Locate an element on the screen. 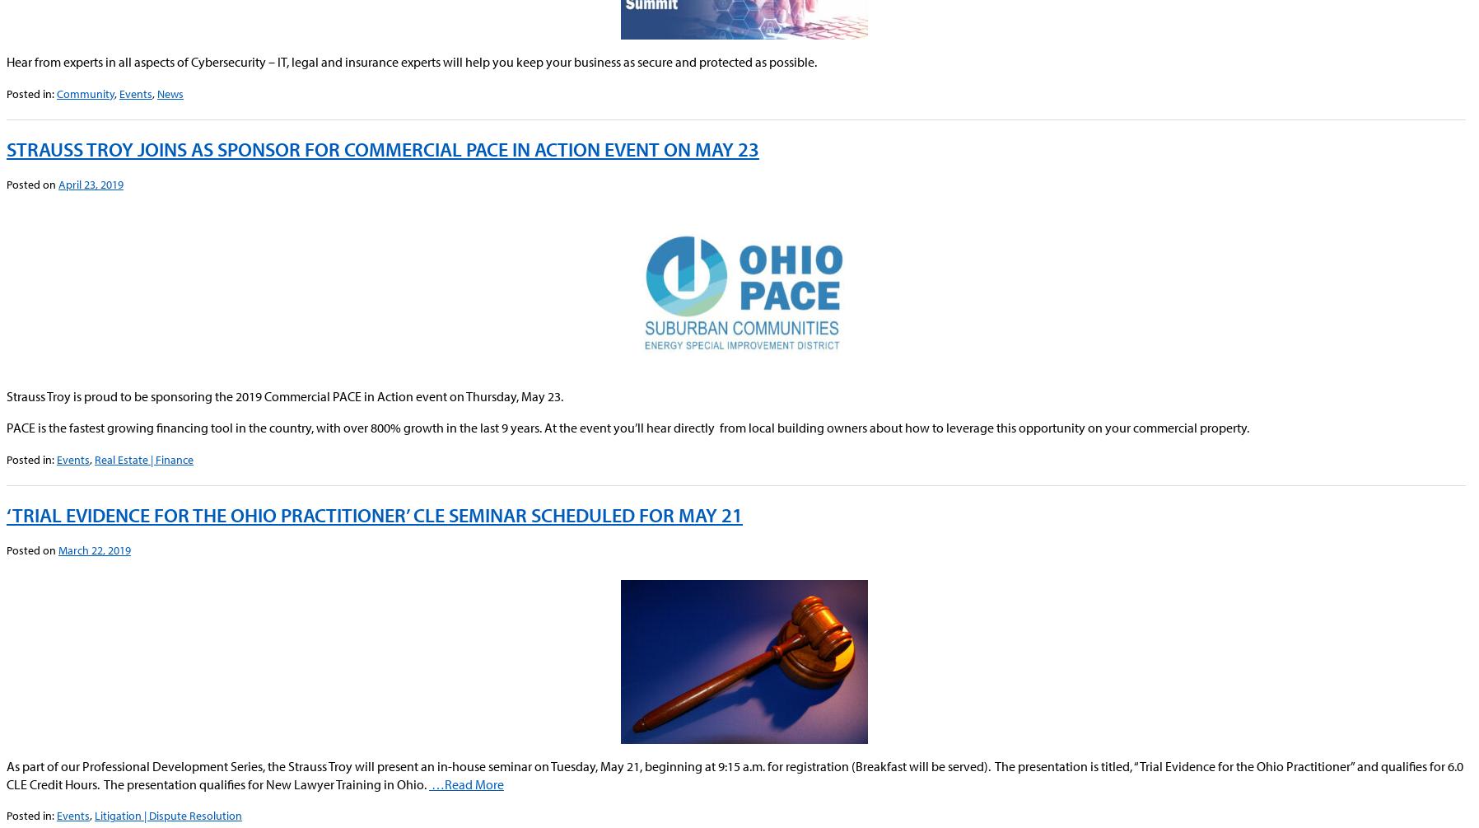  'Strauss Troy is proud to be sponsoring the 2019 Commercial PACE in Action event on Thursday, May 23.' is located at coordinates (6, 395).